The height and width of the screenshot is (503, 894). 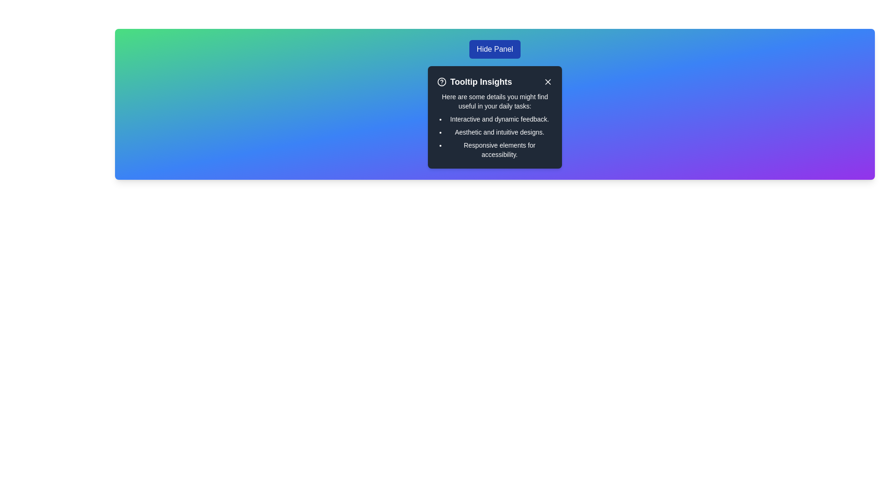 I want to click on the third item in the vertical, bulleted list that describes 'Responsive elements for accessibility' within the tooltip panel, so click(x=499, y=149).